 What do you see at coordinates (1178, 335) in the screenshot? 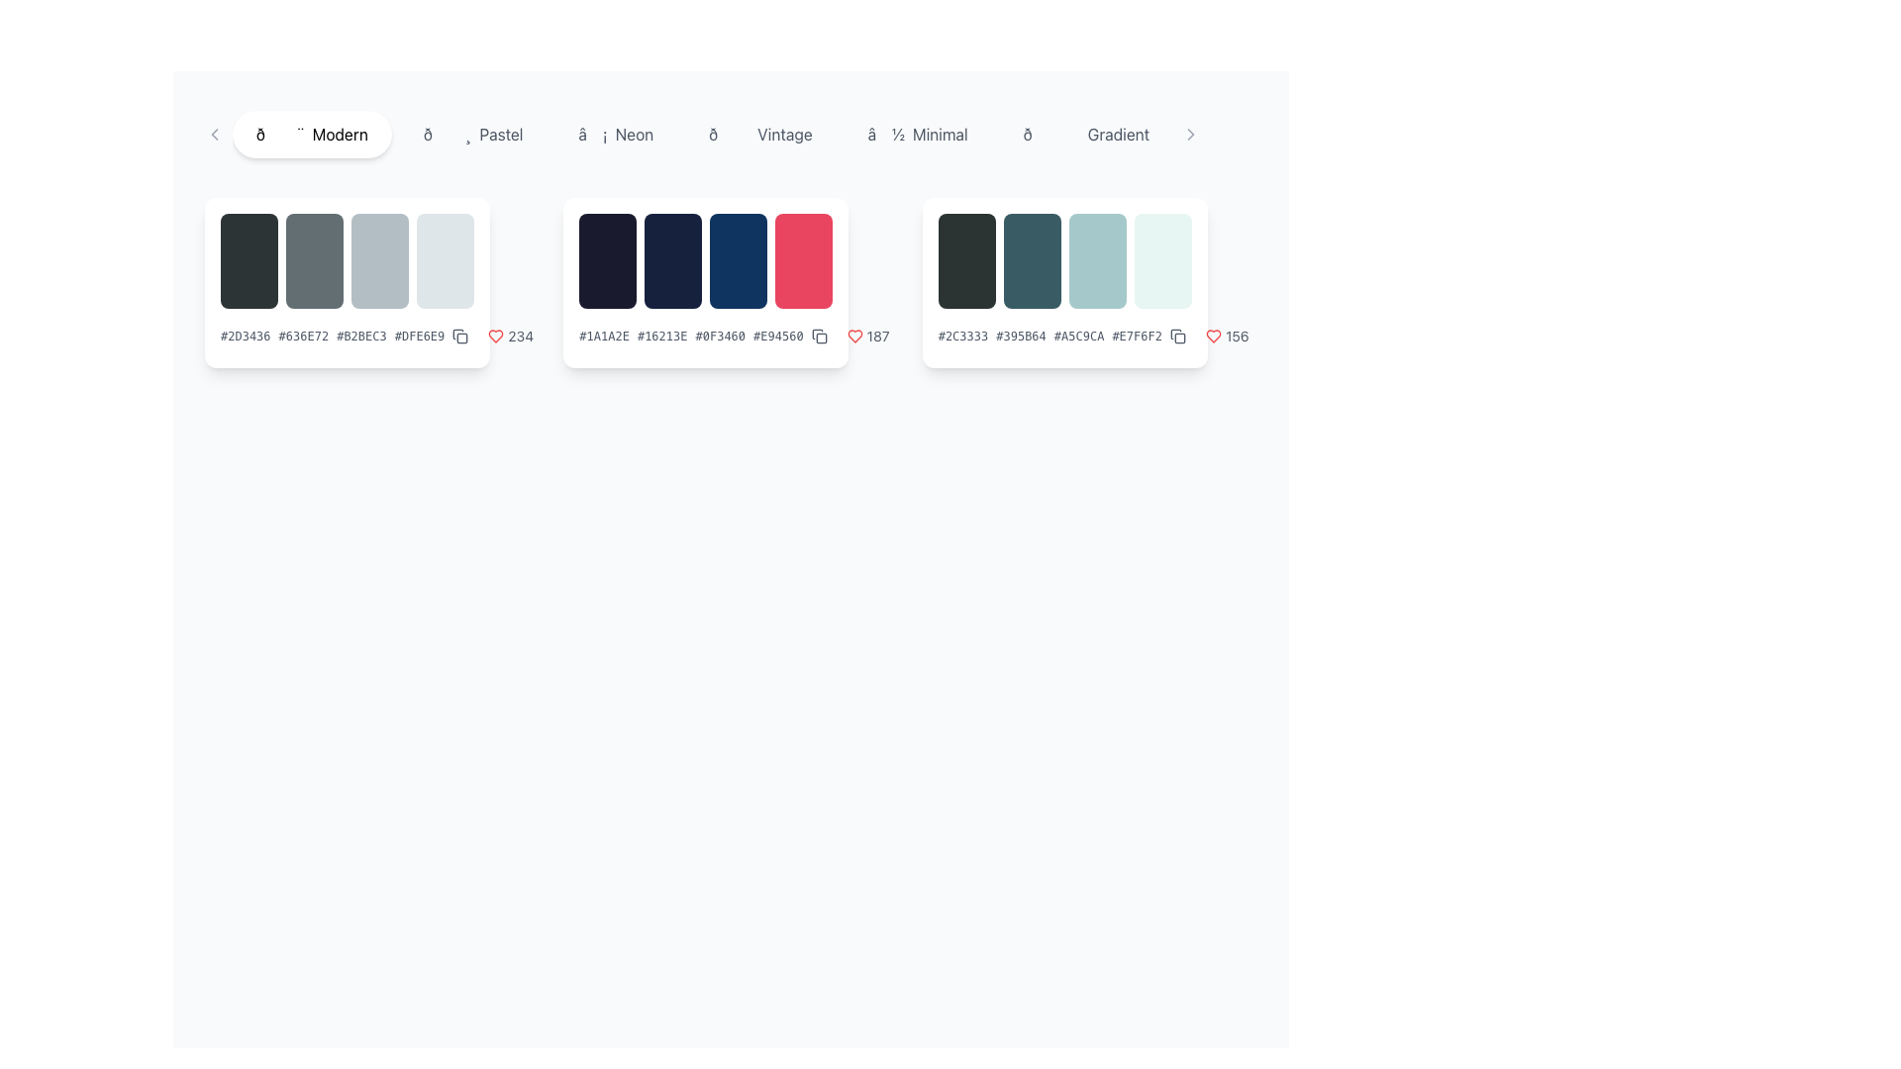
I see `the copy icon, which is an outline of two overlapping squares, located in the lower-right corner of the color palette card in the rightmost column` at bounding box center [1178, 335].